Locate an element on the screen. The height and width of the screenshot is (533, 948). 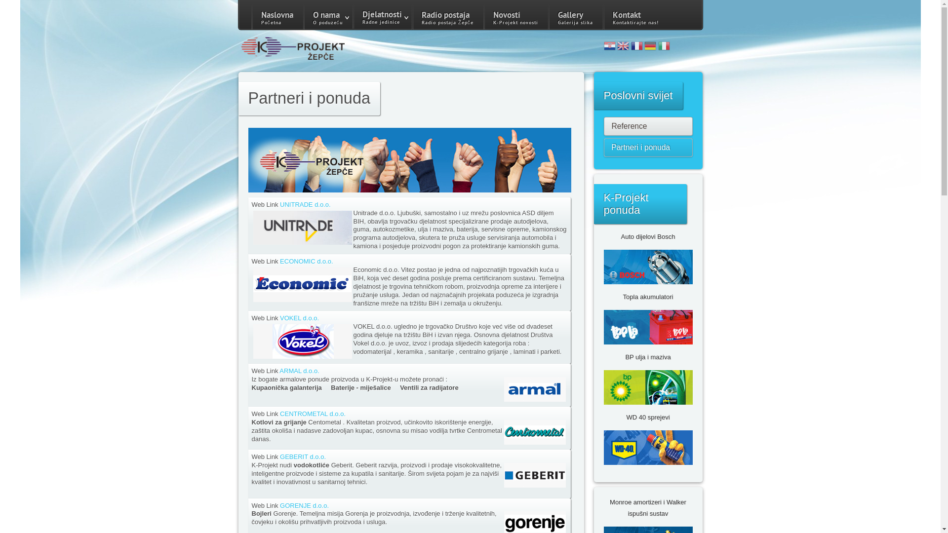
'GORENJE d.o.o.' is located at coordinates (304, 505).